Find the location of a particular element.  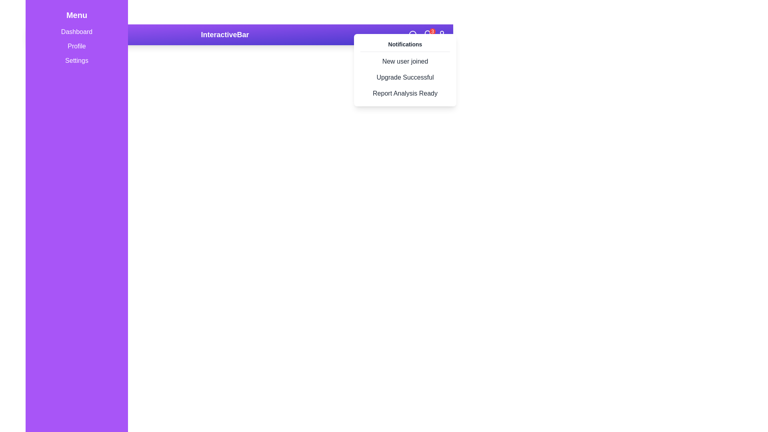

the user profile icon located at the far-right corner of the horizontal navigation bar is located at coordinates (441, 34).